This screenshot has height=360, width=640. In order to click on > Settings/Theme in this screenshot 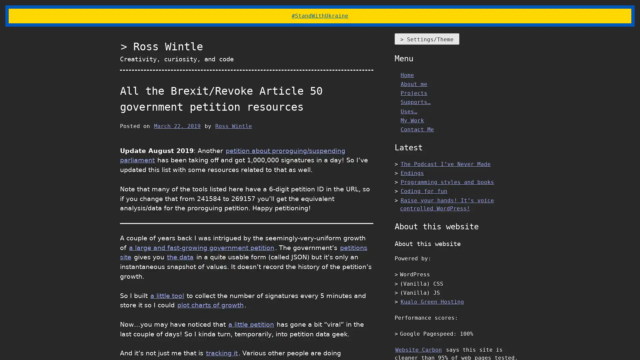, I will do `click(427, 39)`.